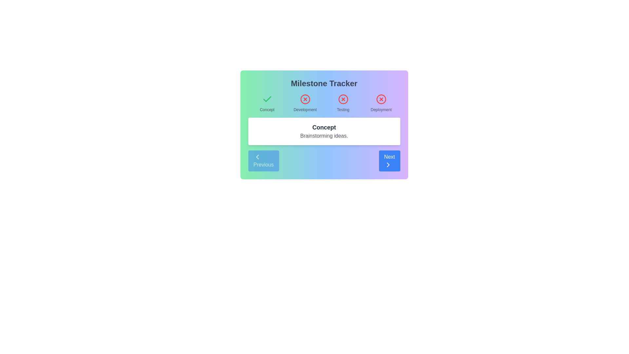 This screenshot has width=629, height=354. What do you see at coordinates (257, 157) in the screenshot?
I see `the left-facing chevron icon, which is located inside the 'Previous' button on the left side of the interface, to interact with the button` at bounding box center [257, 157].